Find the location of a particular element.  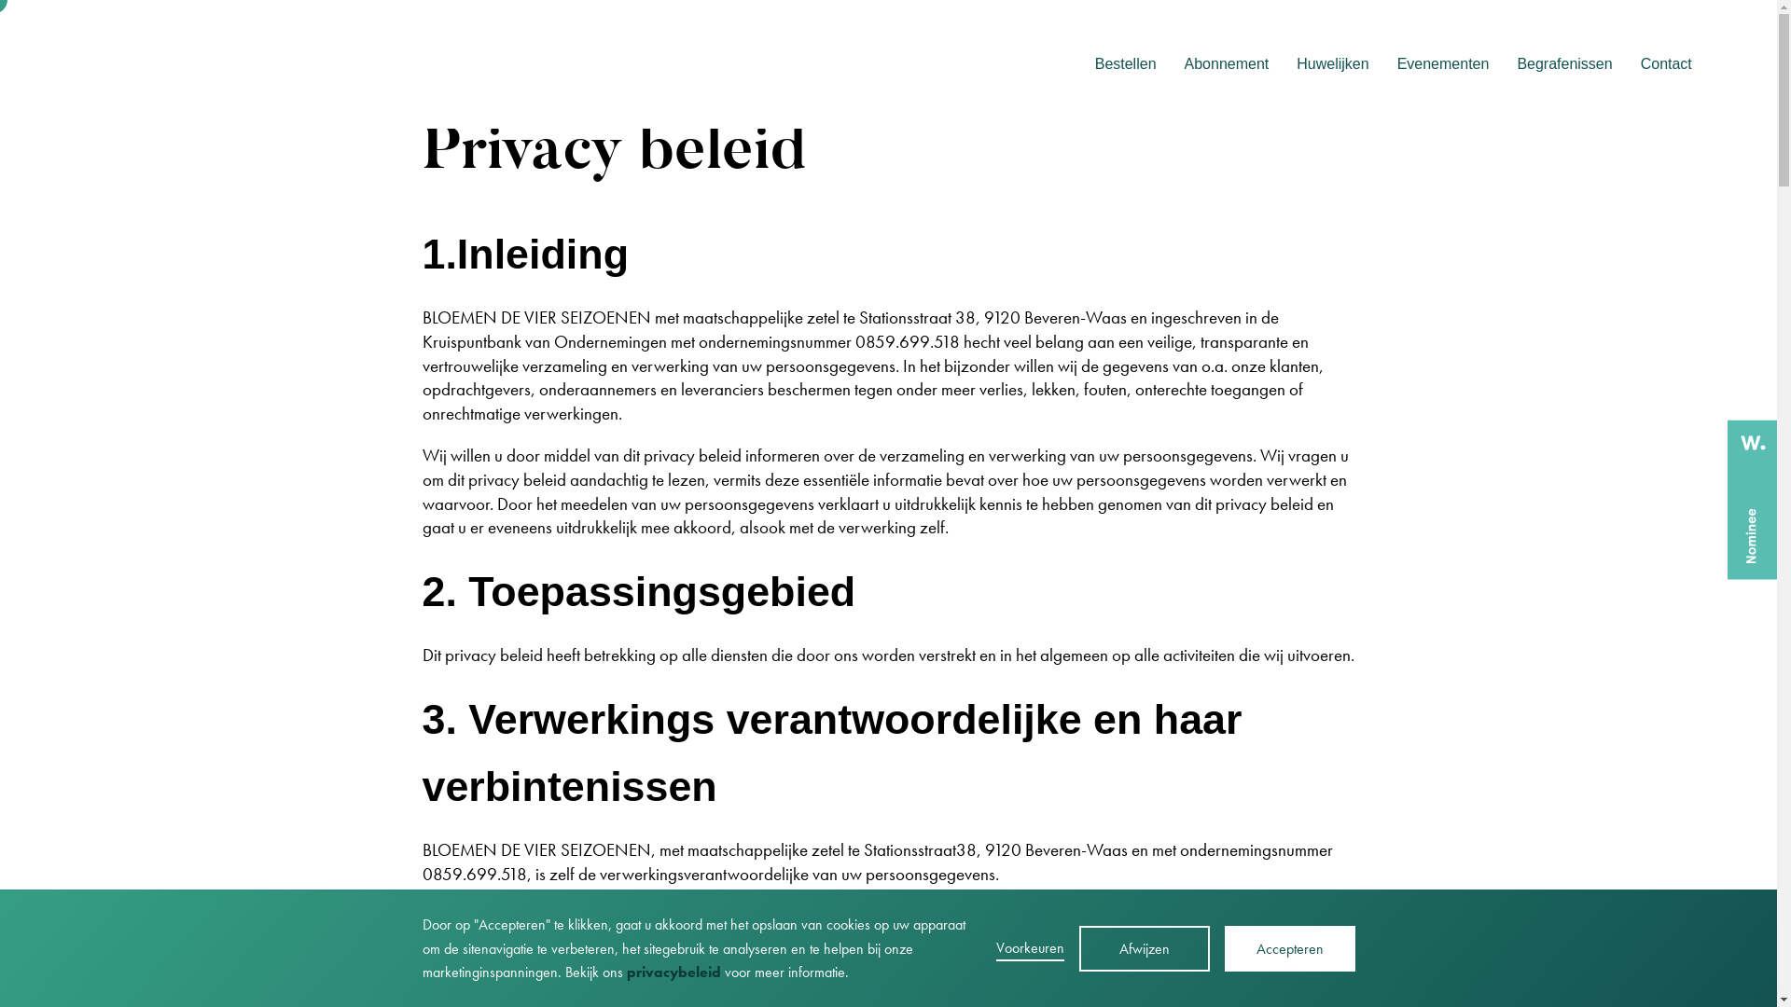

'privacybeleid' is located at coordinates (673, 971).